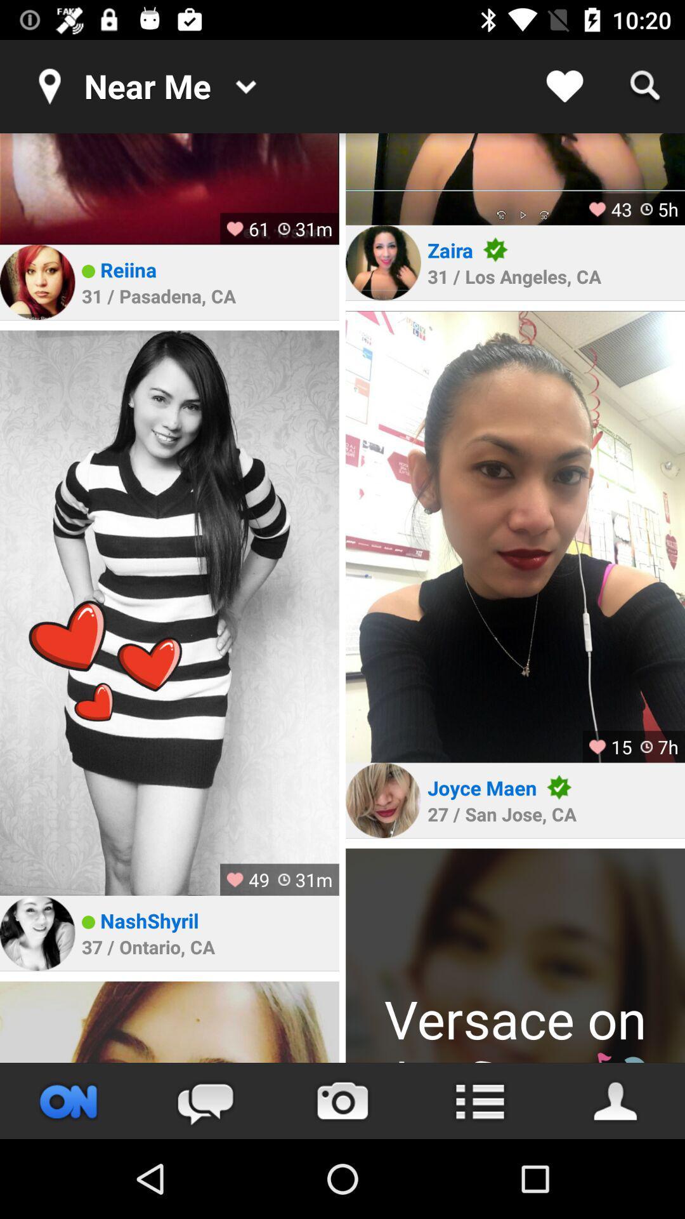  Describe the element at coordinates (480, 1100) in the screenshot. I see `the list icon` at that location.